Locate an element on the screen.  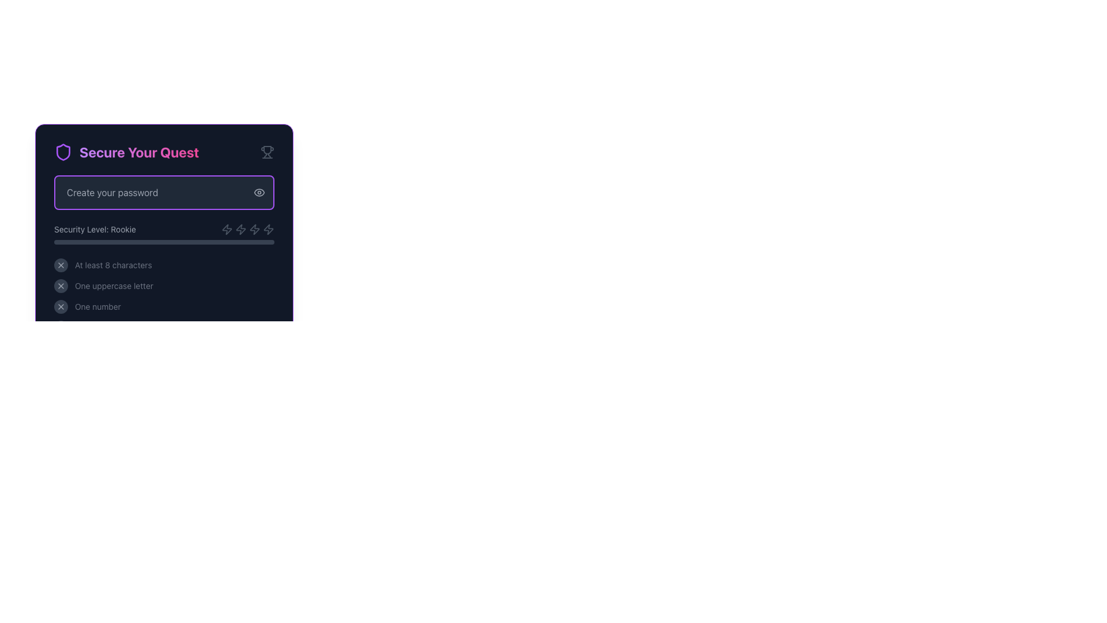
the first icon in the horizontal sequence beneath the 'Security Level: Rookie' label, which serves as a representation for an action or indicator related to security levels is located at coordinates (227, 229).